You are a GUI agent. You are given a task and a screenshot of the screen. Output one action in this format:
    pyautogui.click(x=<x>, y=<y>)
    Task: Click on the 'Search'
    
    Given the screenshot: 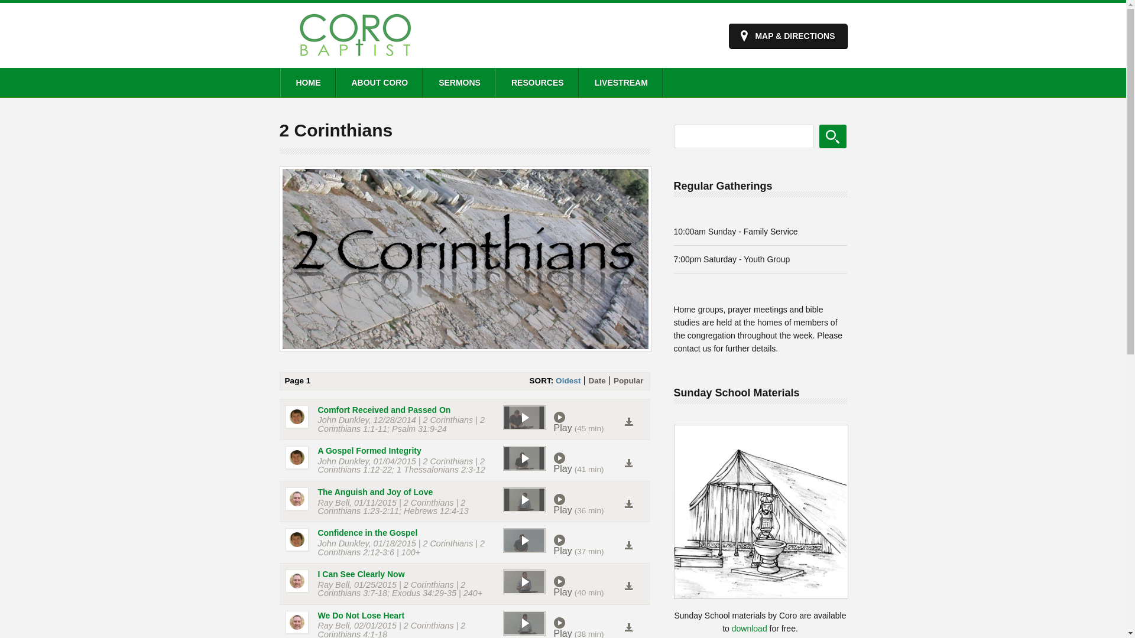 What is the action you would take?
    pyautogui.click(x=819, y=136)
    